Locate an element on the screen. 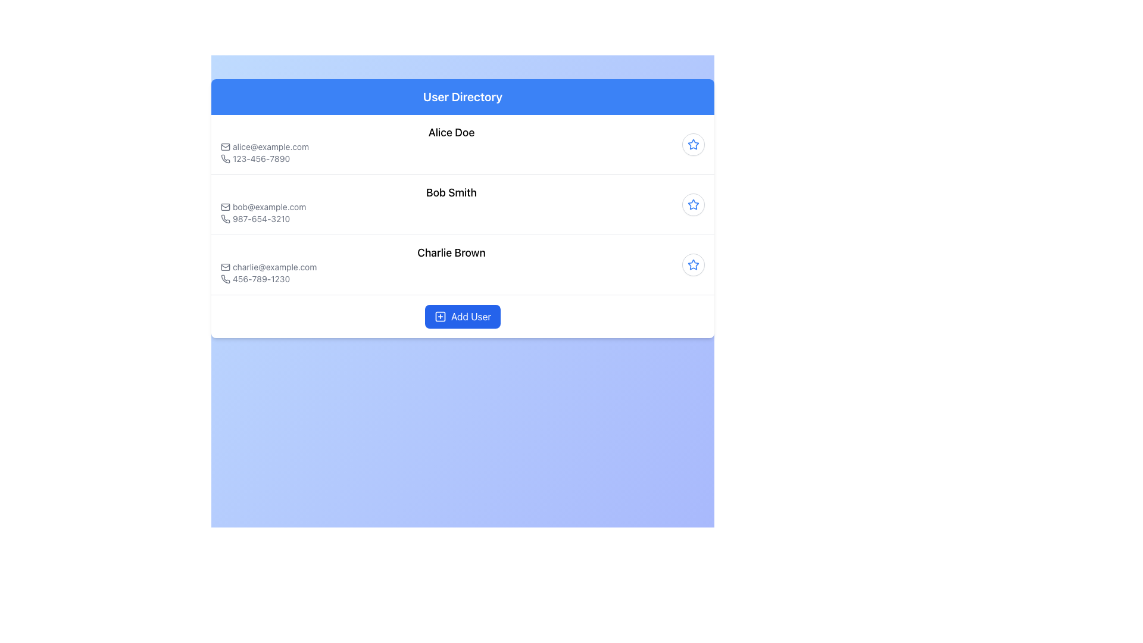 This screenshot has width=1143, height=643. the blue square icon with a plus symbol inside it, which is part of the 'Add User' button located at the bottom center of the interface is located at coordinates (439, 316).